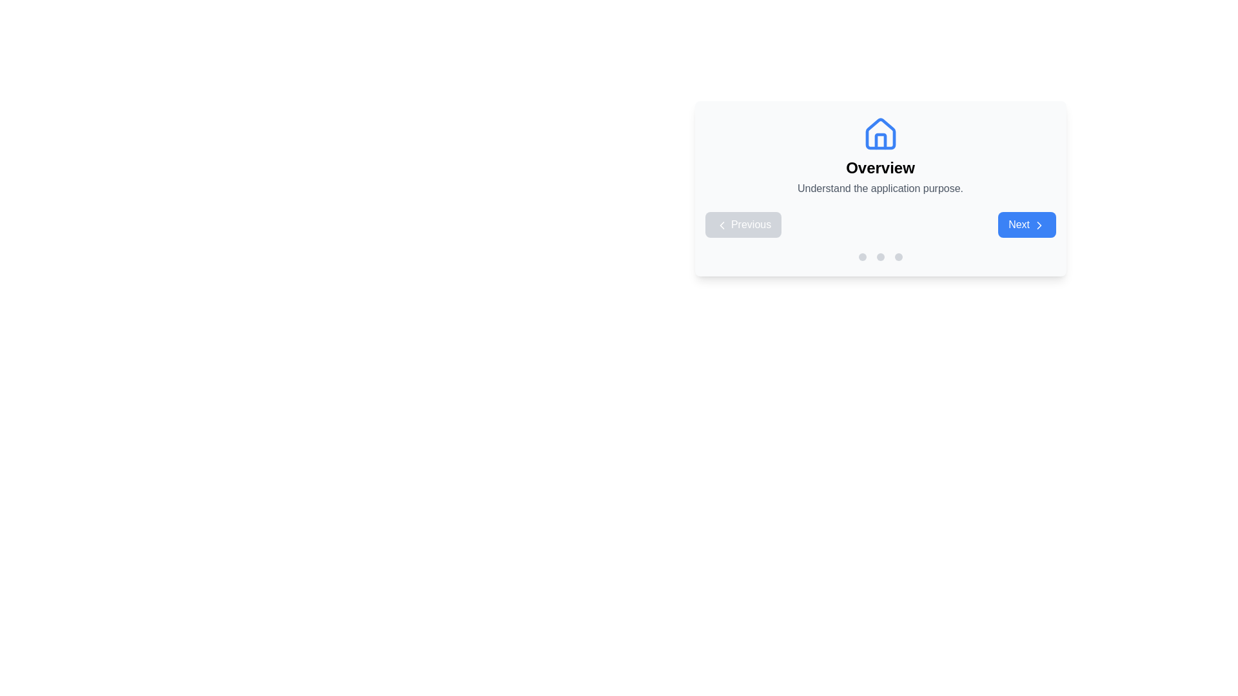 The image size is (1238, 696). What do you see at coordinates (1039, 224) in the screenshot?
I see `the forward navigation icon located within the 'Next' button in the bottom-right corner of the card, which serves as a visual indicator for forward navigation` at bounding box center [1039, 224].